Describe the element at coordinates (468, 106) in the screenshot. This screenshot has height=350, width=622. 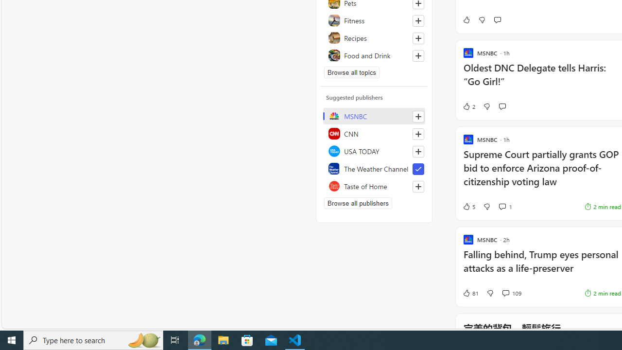
I see `'2 Like'` at that location.